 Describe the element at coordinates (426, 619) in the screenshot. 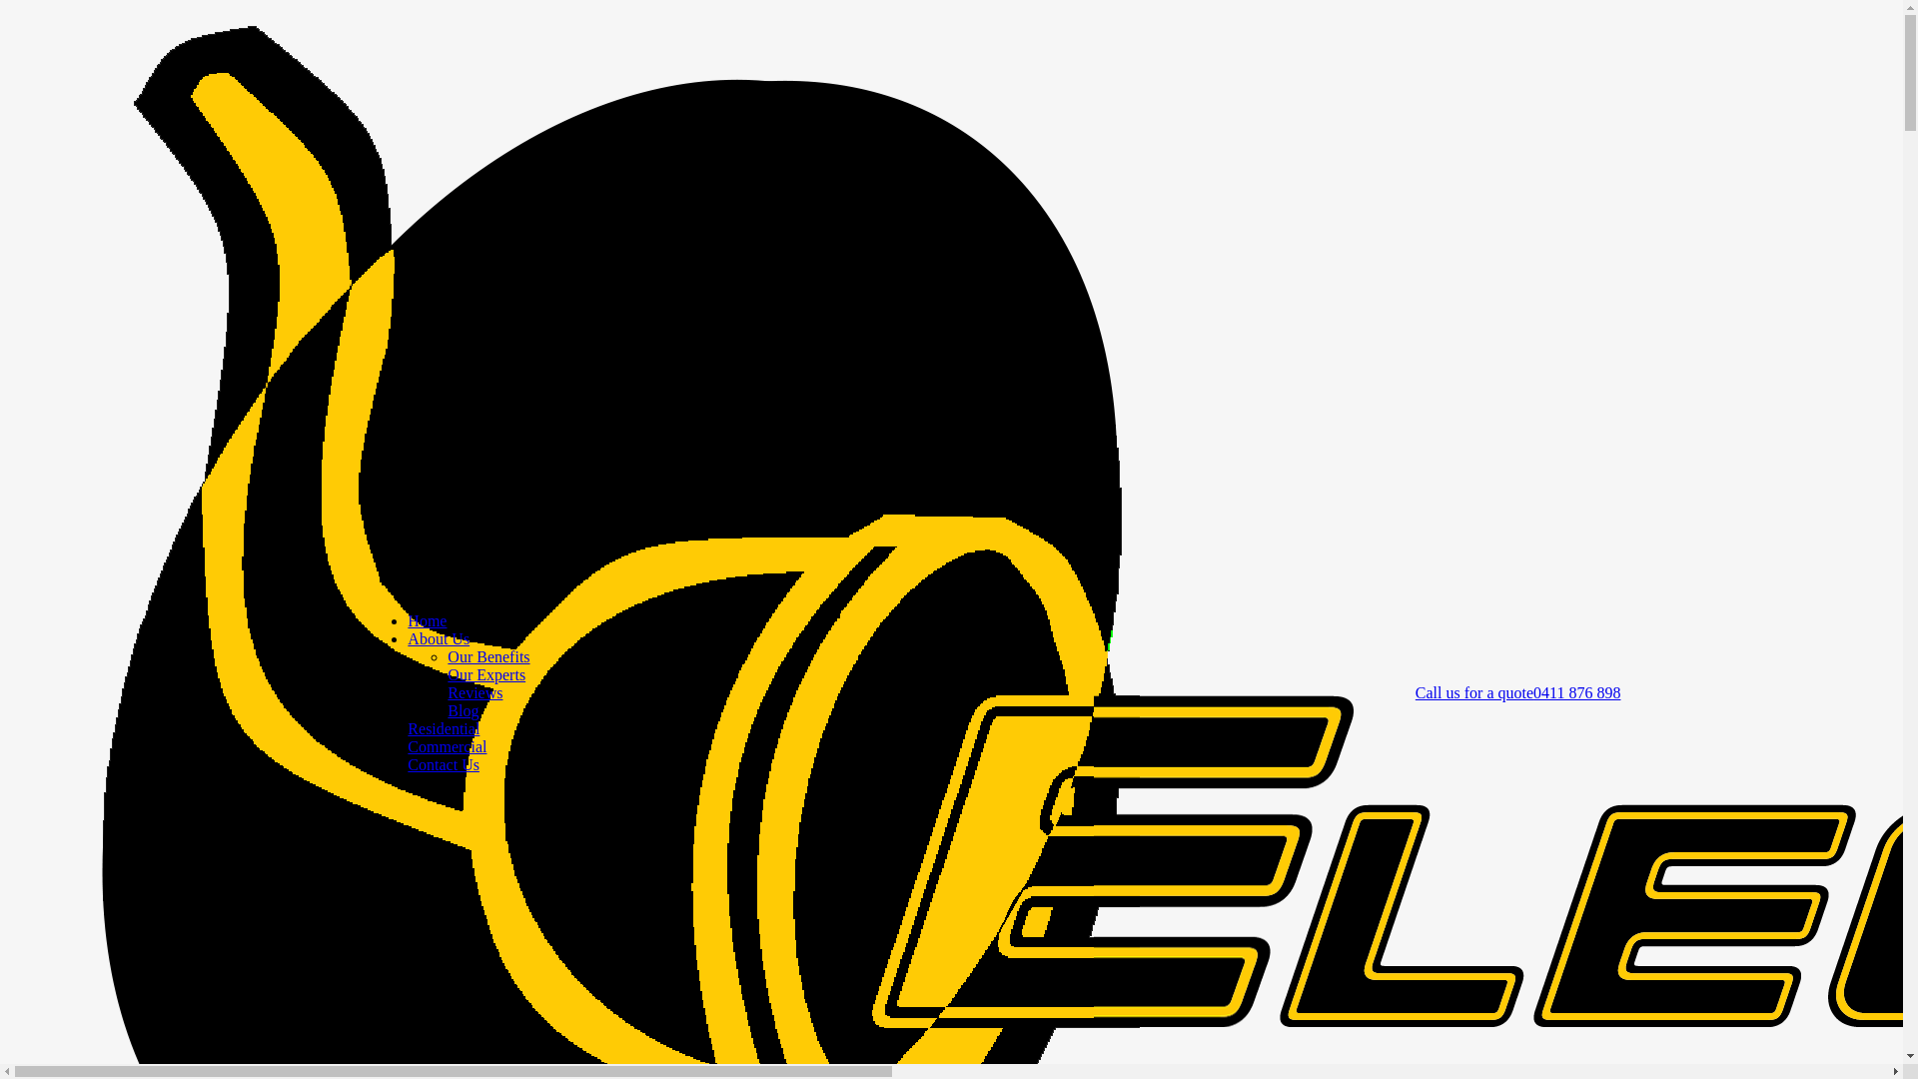

I see `'Home'` at that location.